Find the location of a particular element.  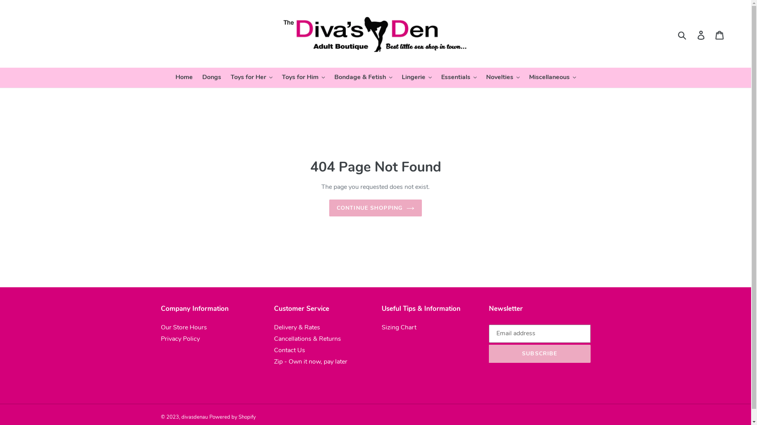

'Dongs' is located at coordinates (211, 78).